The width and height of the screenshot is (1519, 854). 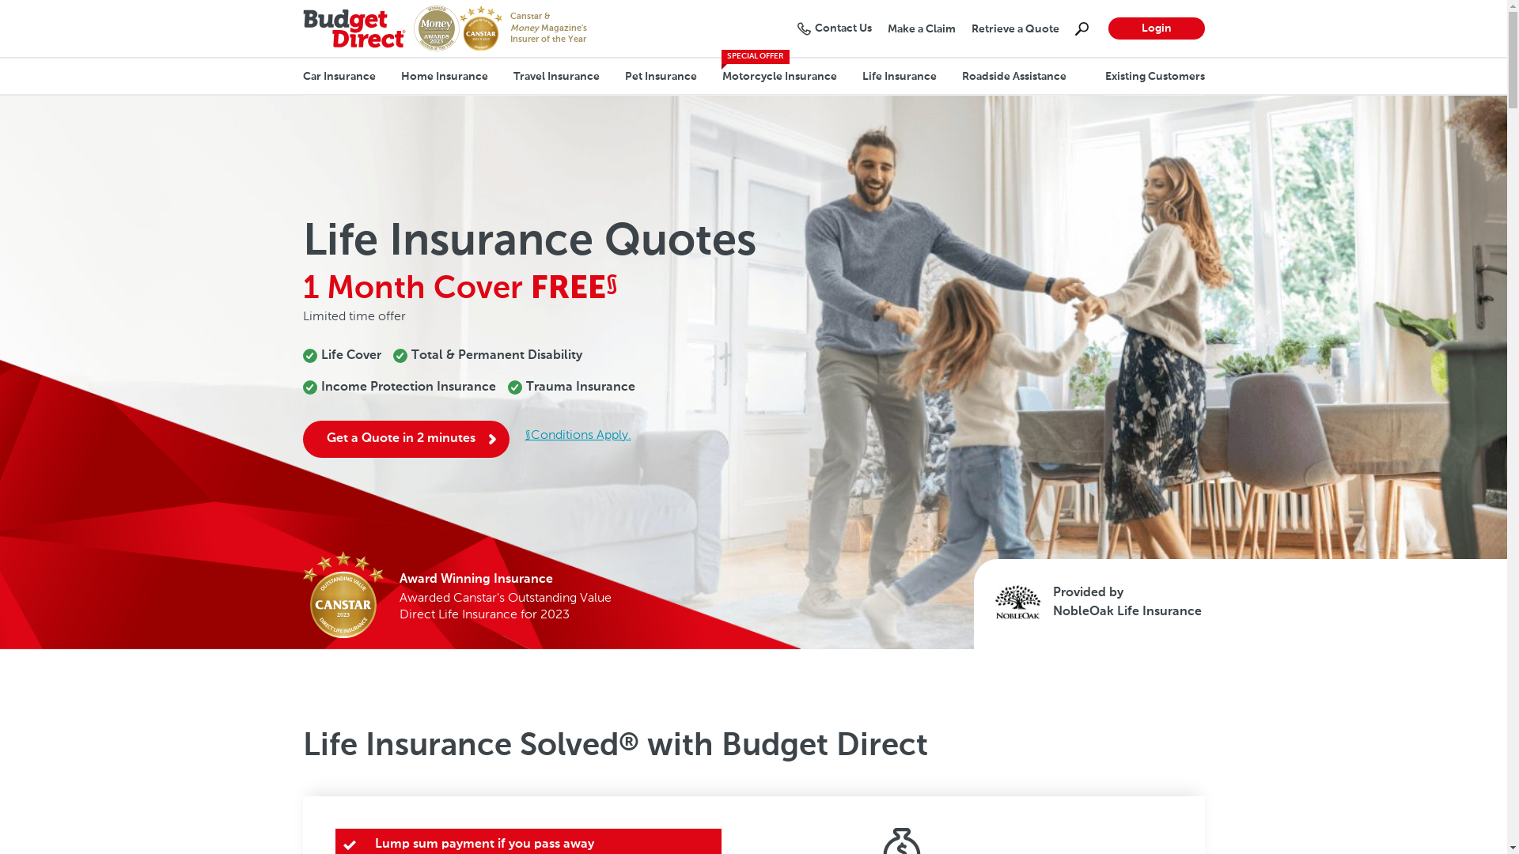 I want to click on 'Search', so click(x=1080, y=28).